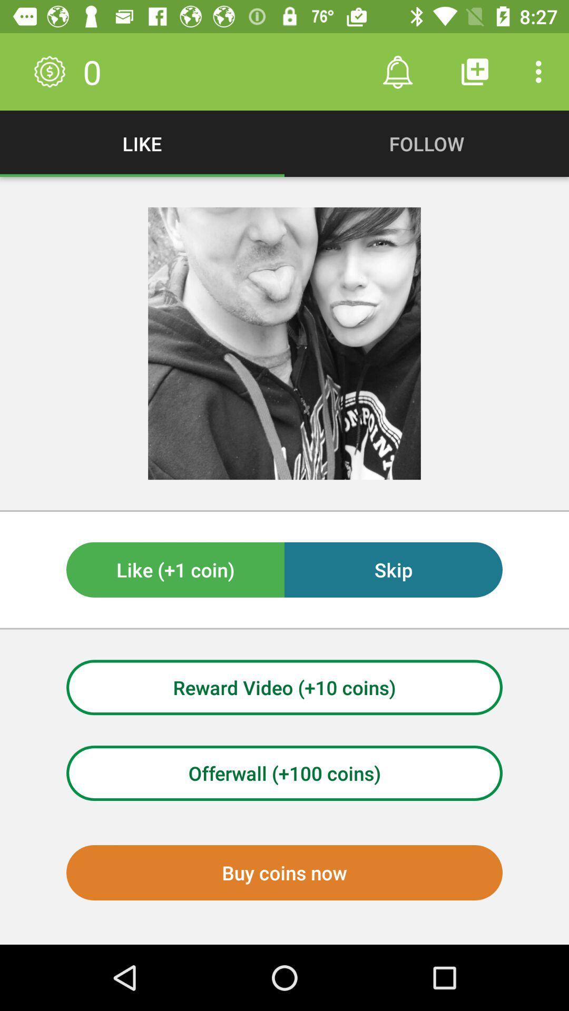  Describe the element at coordinates (475, 71) in the screenshot. I see `icon above the follow item` at that location.